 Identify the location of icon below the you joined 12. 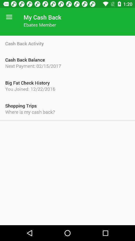
(67, 106).